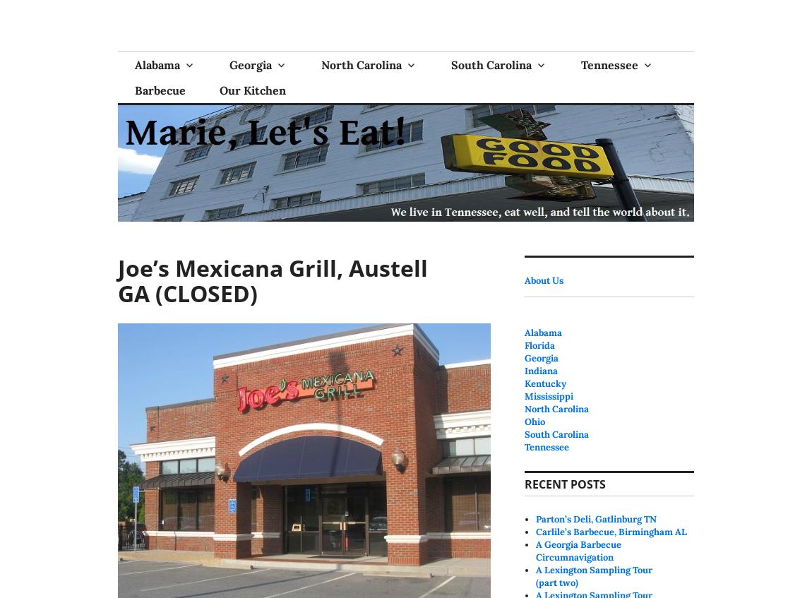  What do you see at coordinates (611, 530) in the screenshot?
I see `'Carlile’s Barbecue, Birmingham AL'` at bounding box center [611, 530].